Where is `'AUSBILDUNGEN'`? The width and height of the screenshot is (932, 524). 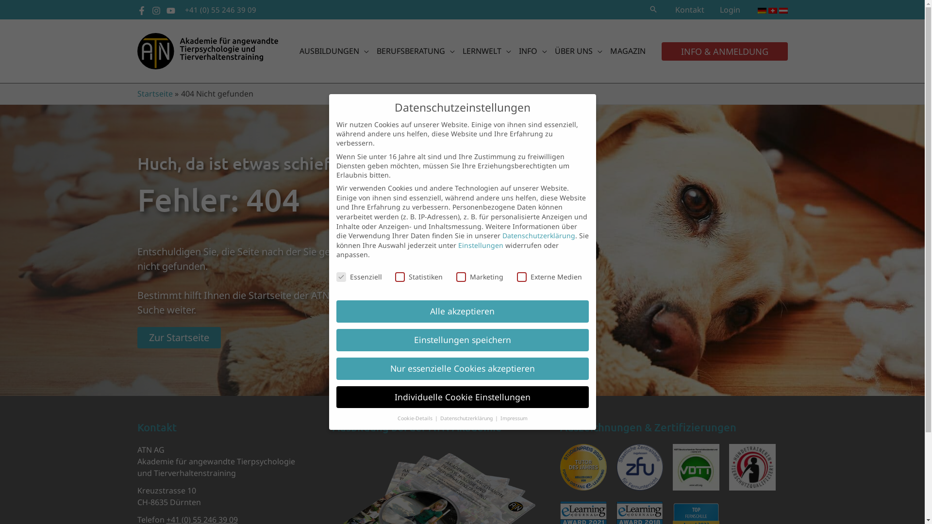
'AUSBILDUNGEN' is located at coordinates (333, 51).